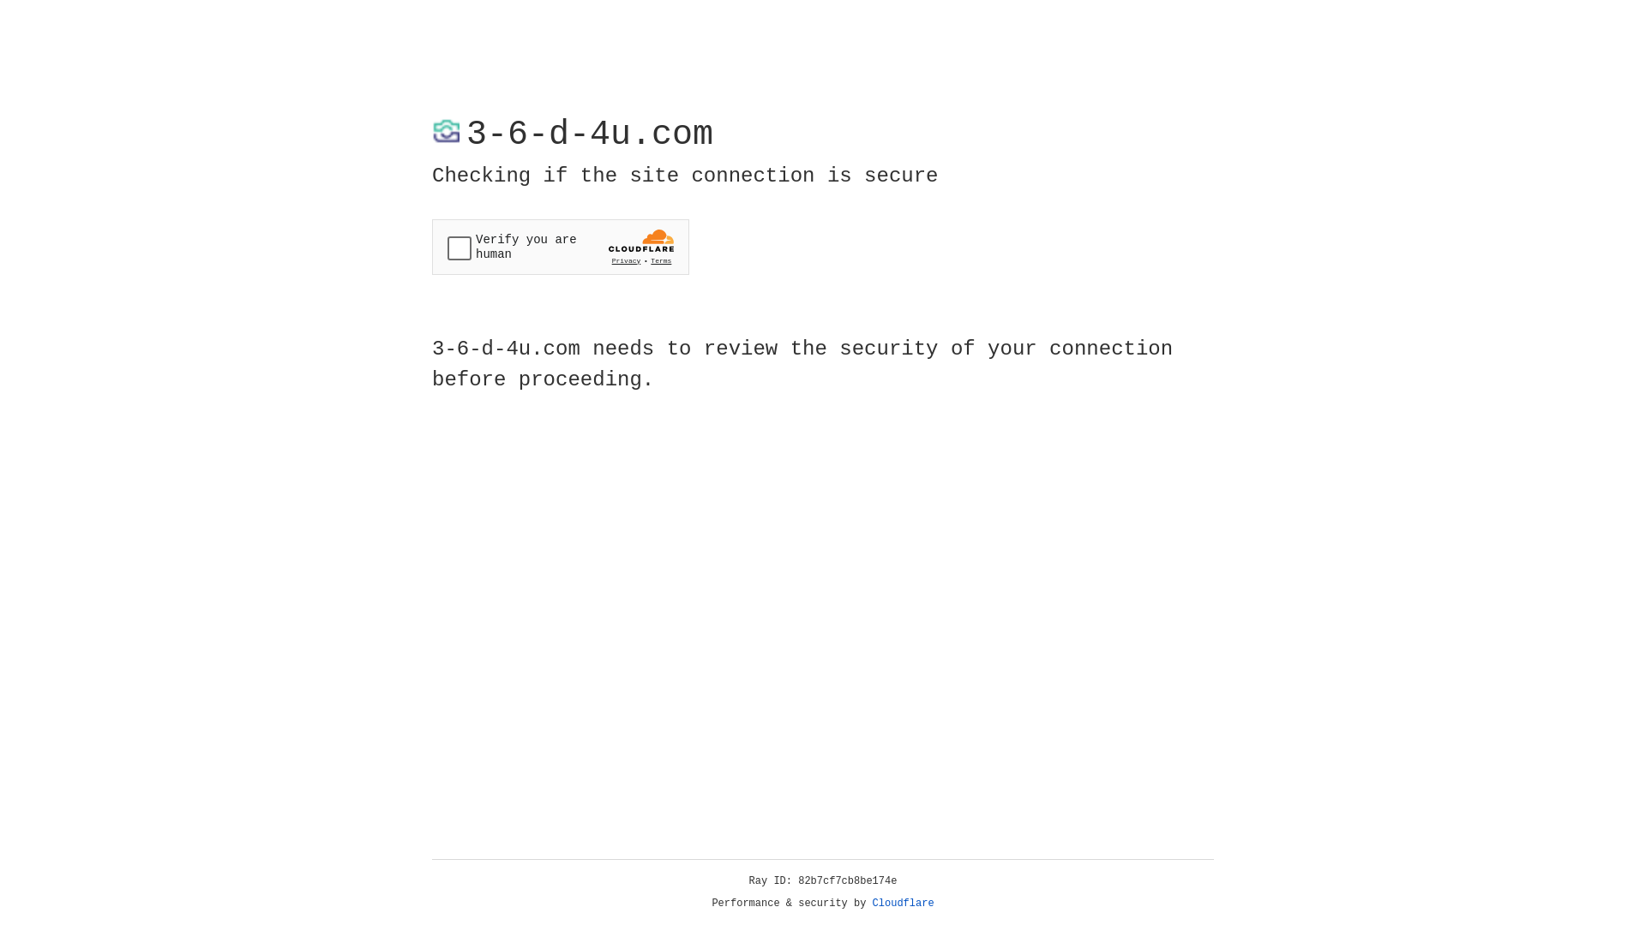 The height and width of the screenshot is (925, 1646). What do you see at coordinates (560, 247) in the screenshot?
I see `'Widget containing a Cloudflare security challenge'` at bounding box center [560, 247].